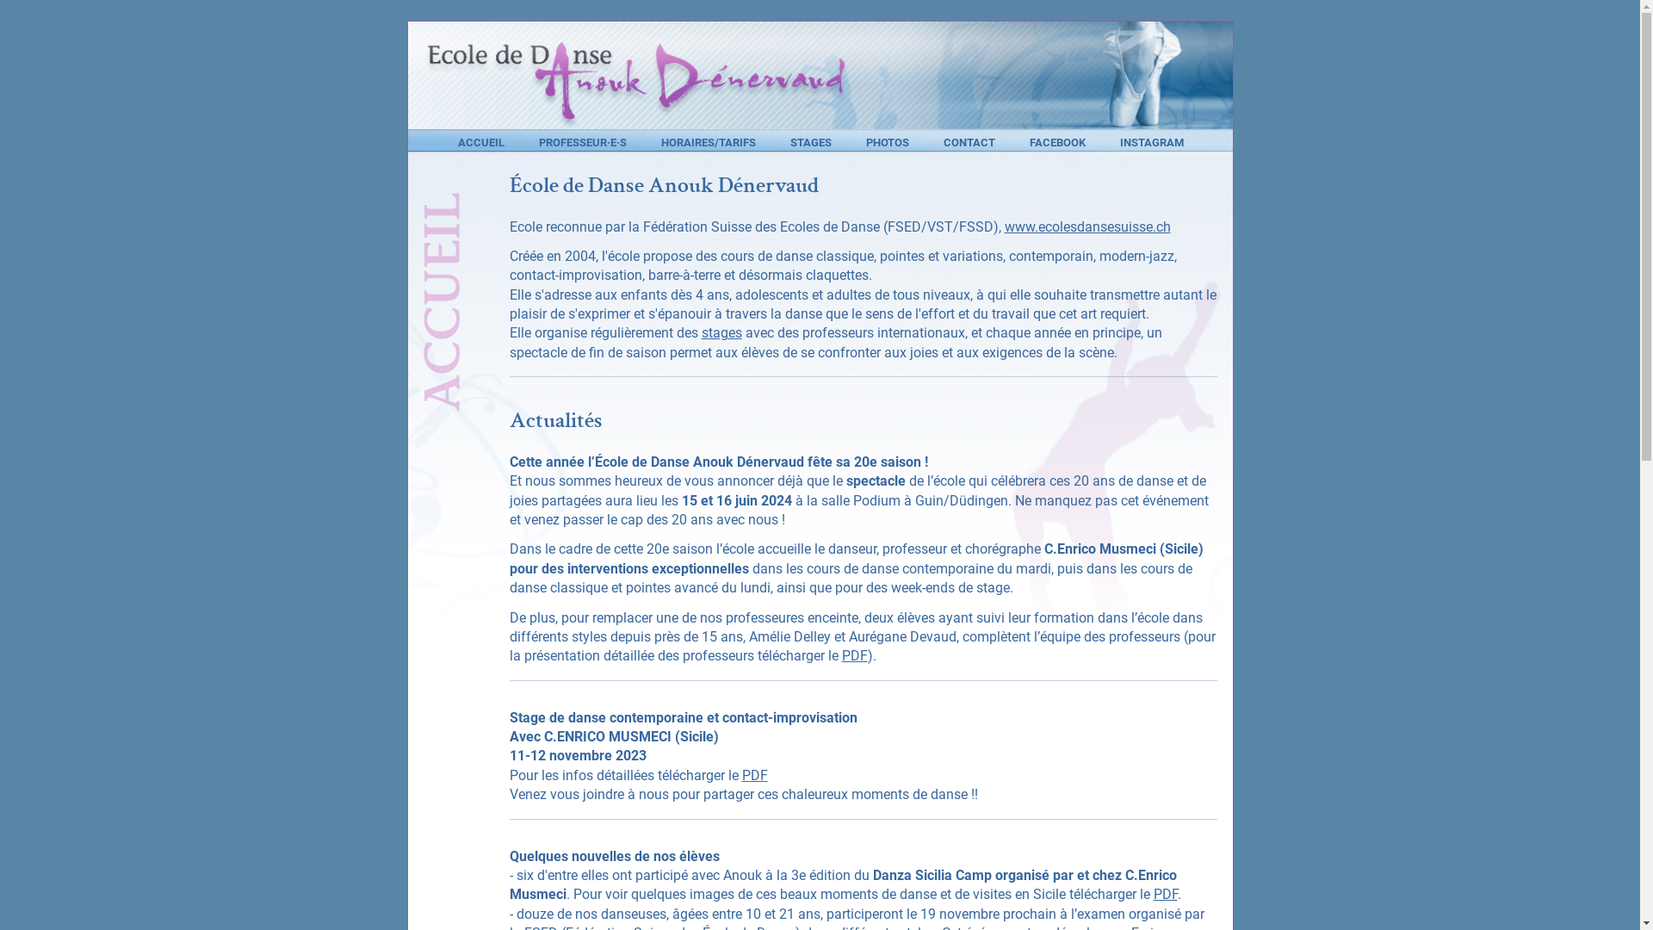  Describe the element at coordinates (809, 141) in the screenshot. I see `'STAGES'` at that location.